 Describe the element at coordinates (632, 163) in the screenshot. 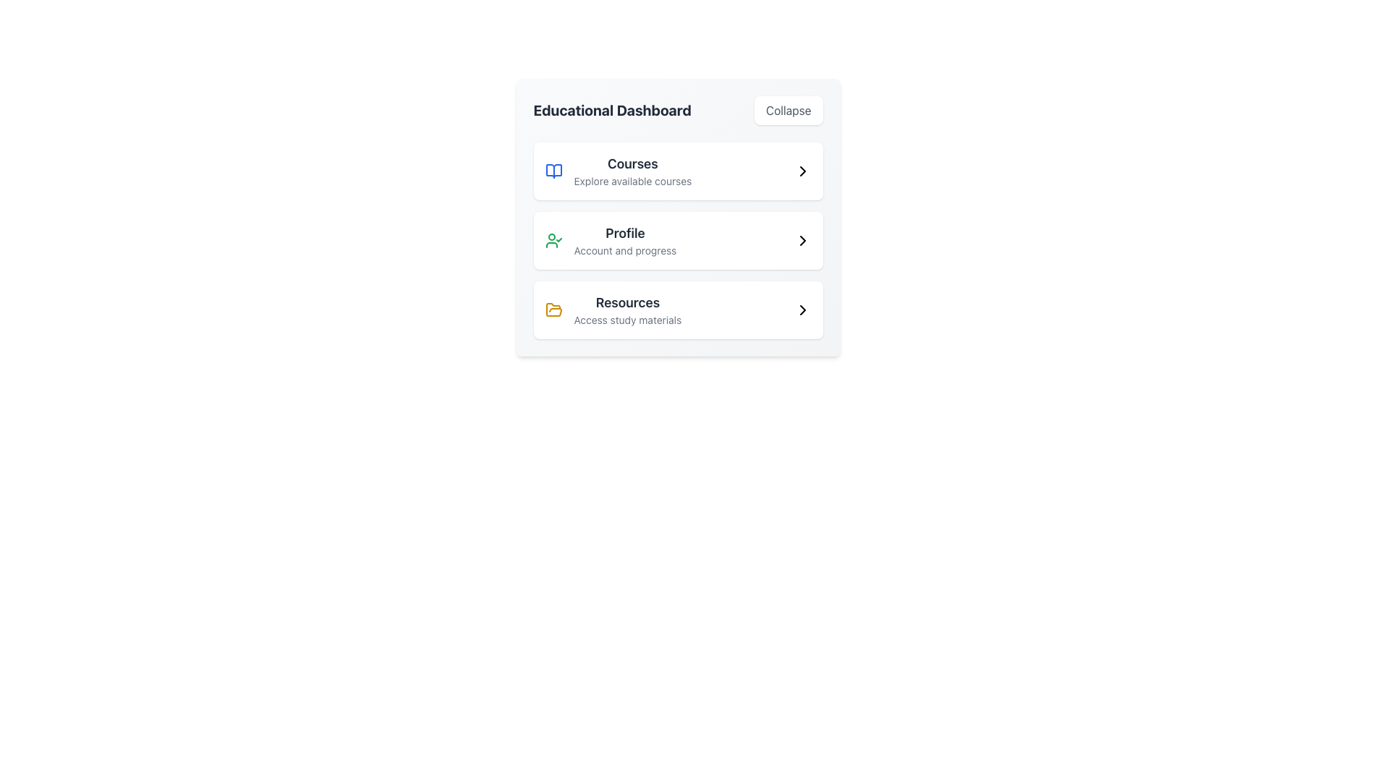

I see `the 'Courses' text label, which is a bold, large-sized dark gray heading prominently displayed in the upper section of its card` at that location.